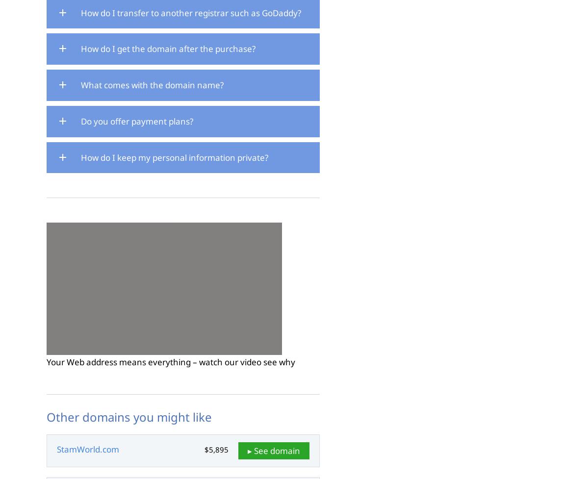 This screenshot has width=564, height=479. What do you see at coordinates (171, 362) in the screenshot?
I see `'Your Web address means everything – watch our video see why'` at bounding box center [171, 362].